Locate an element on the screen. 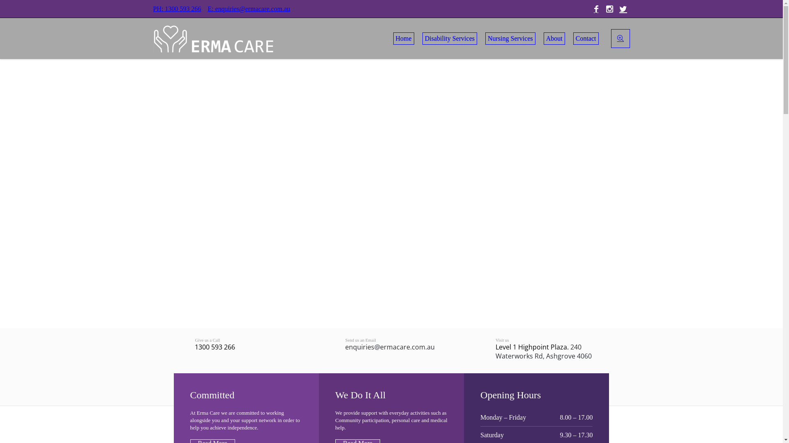 This screenshot has width=789, height=443. 'E: enquiries@ermacare.com.au' is located at coordinates (207, 8).